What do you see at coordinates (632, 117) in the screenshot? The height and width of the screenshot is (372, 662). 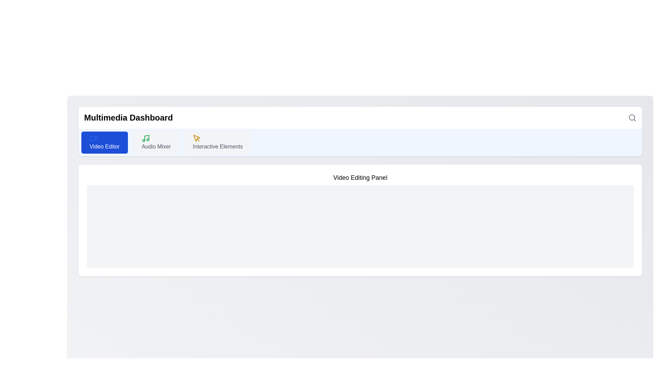 I see `the search icon button located at the top-right corner of the 'Multimedia Dashboard' to initiate a search action` at bounding box center [632, 117].